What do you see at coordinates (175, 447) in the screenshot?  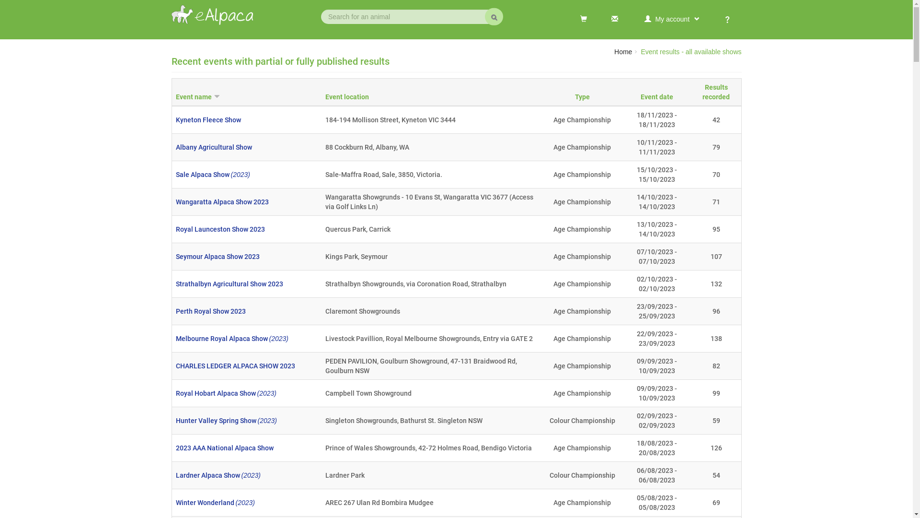 I see `'2023 AAA National Alpaca Show'` at bounding box center [175, 447].